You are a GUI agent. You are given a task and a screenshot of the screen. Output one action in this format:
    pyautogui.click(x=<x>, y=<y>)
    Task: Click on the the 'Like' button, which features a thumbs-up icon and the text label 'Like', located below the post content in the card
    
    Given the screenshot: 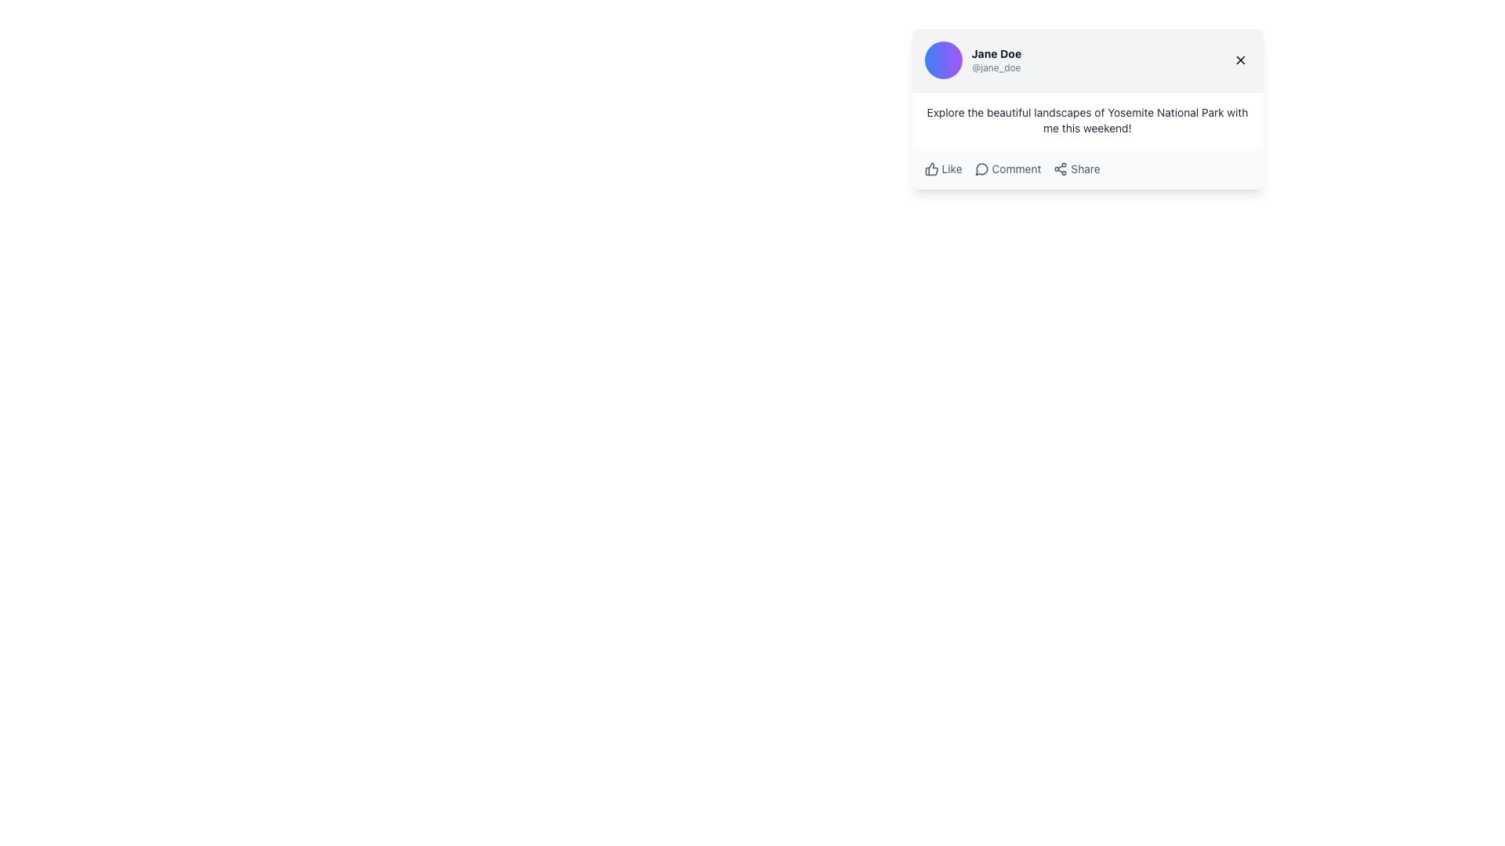 What is the action you would take?
    pyautogui.click(x=942, y=169)
    